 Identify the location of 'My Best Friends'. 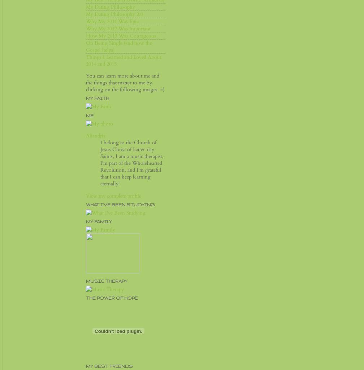
(86, 366).